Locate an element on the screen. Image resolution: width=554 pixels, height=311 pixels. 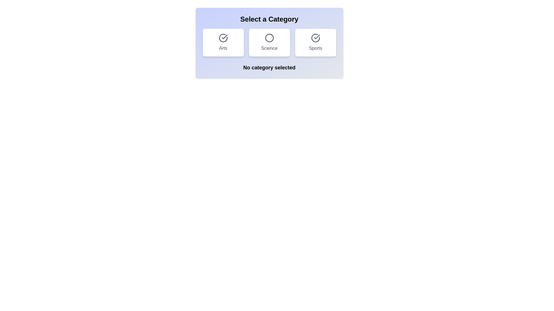
the selection indication by clicking on the Sports category icon, which is centrally positioned at the top section of the Sports category card is located at coordinates (315, 38).